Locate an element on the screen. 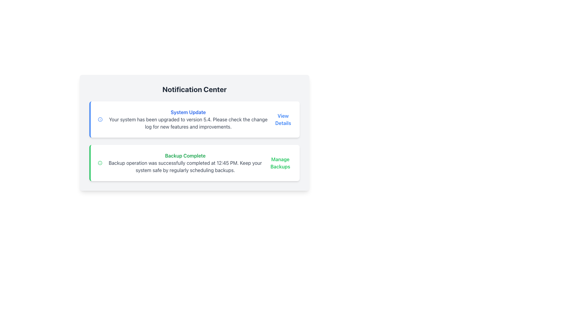 The image size is (580, 326). the SVG Circle that serves as a visual signal in the notification section, positioned at the center of the informational icon is located at coordinates (100, 120).